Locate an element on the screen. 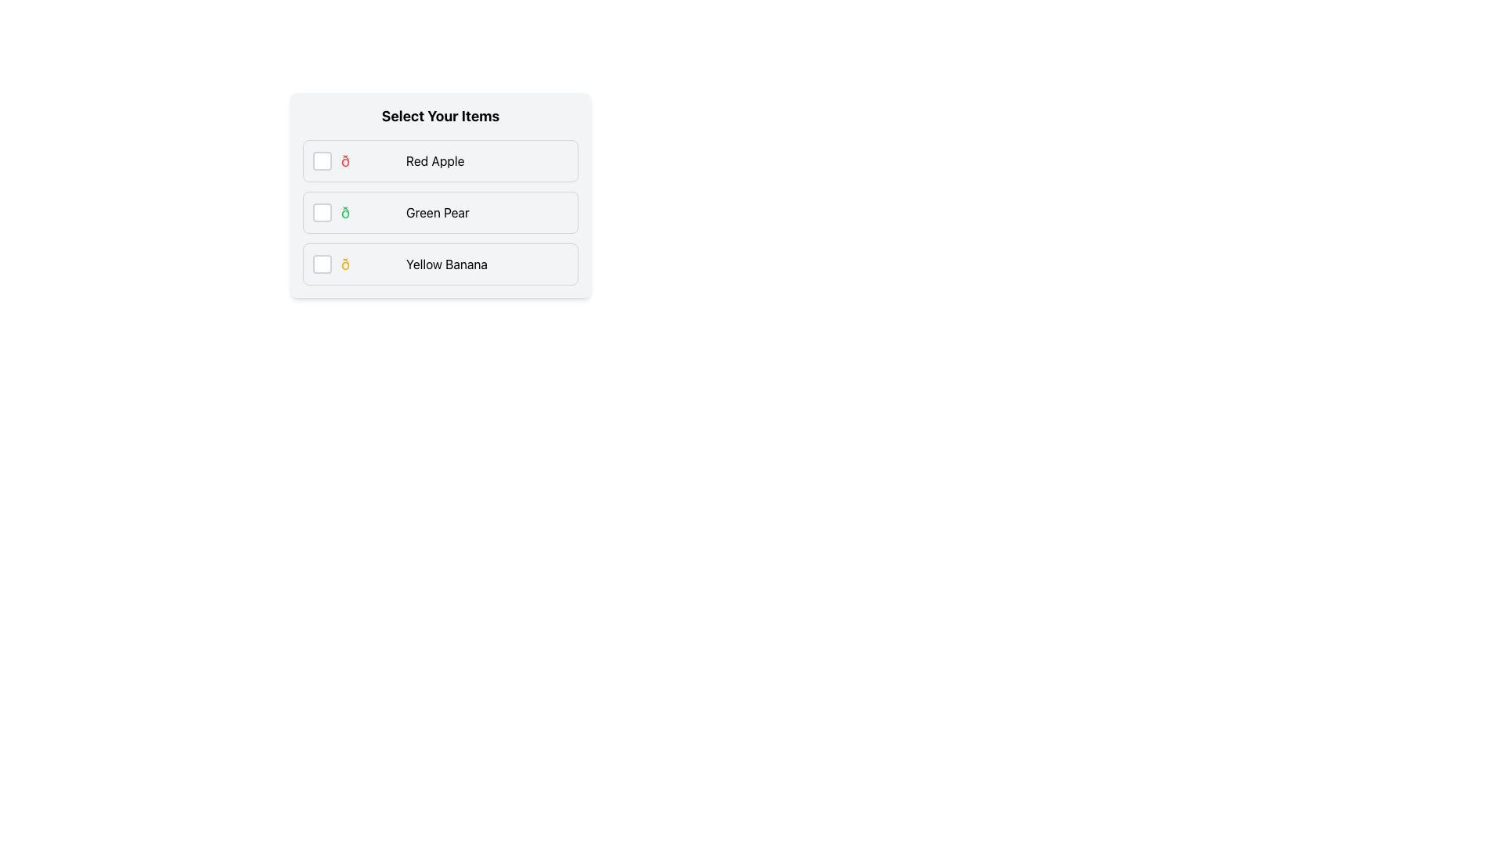 This screenshot has width=1503, height=845. the red apple emoji icon, which is styled with red text color and is located next to the 'Red Apple' label in the first row of a list is located at coordinates (368, 160).